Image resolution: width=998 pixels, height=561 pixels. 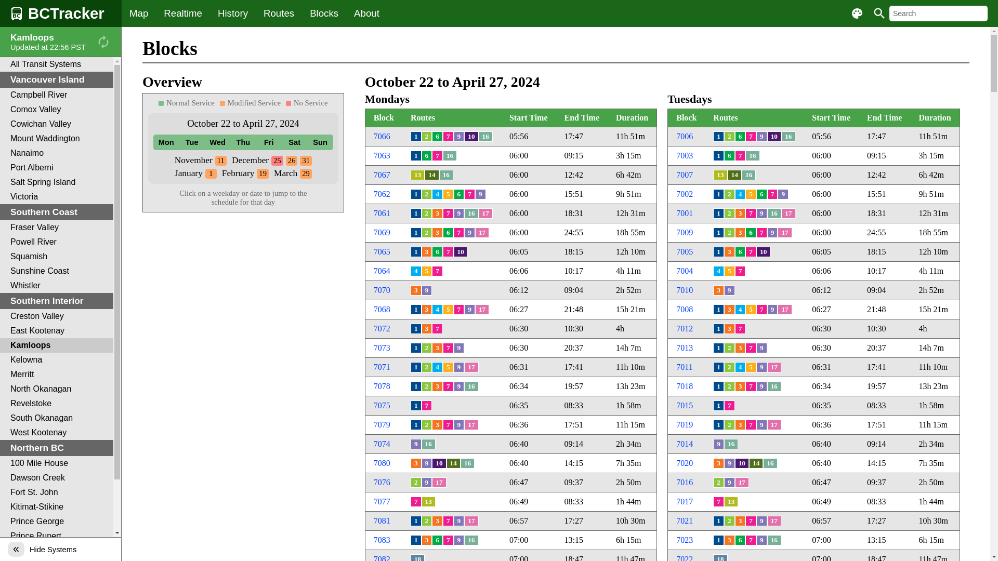 I want to click on 'Tue', so click(x=191, y=142).